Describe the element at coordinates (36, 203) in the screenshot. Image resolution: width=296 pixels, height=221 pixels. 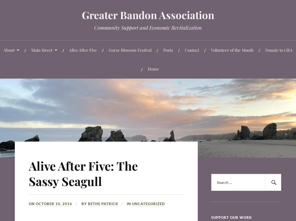
I see `'October 10, 2016'` at that location.